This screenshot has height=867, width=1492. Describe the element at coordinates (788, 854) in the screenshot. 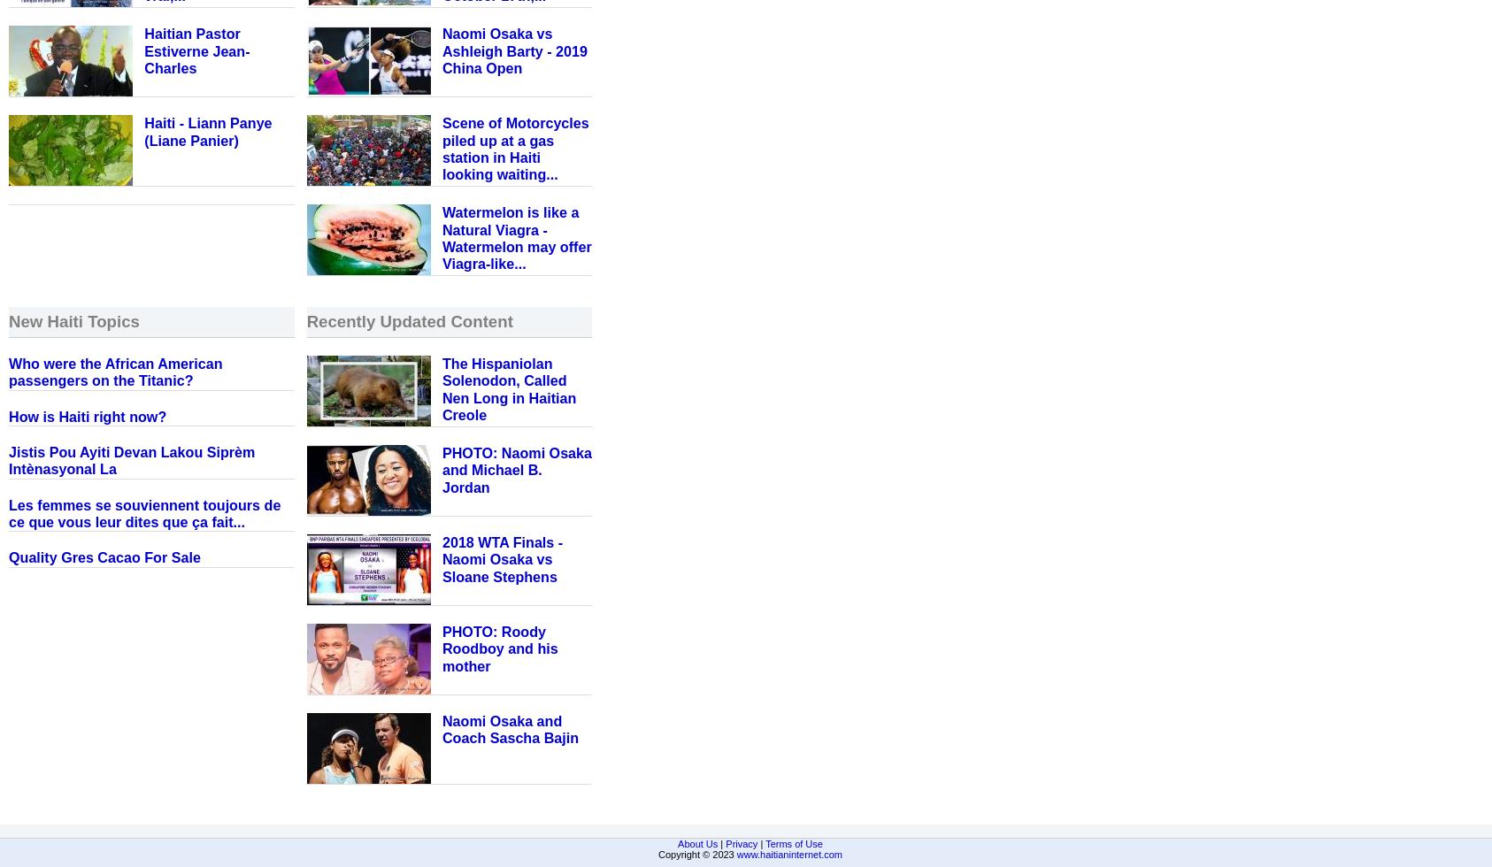

I see `'www.haitianinternet.com'` at that location.